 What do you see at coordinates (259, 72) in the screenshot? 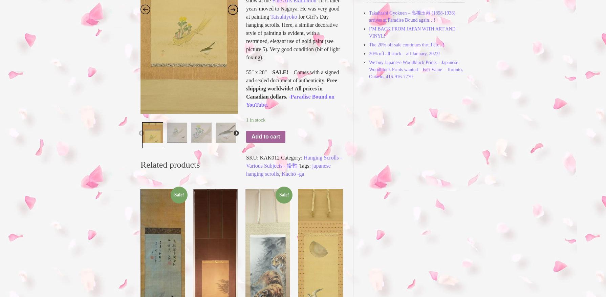
I see `'55″ x 28″ –'` at bounding box center [259, 72].